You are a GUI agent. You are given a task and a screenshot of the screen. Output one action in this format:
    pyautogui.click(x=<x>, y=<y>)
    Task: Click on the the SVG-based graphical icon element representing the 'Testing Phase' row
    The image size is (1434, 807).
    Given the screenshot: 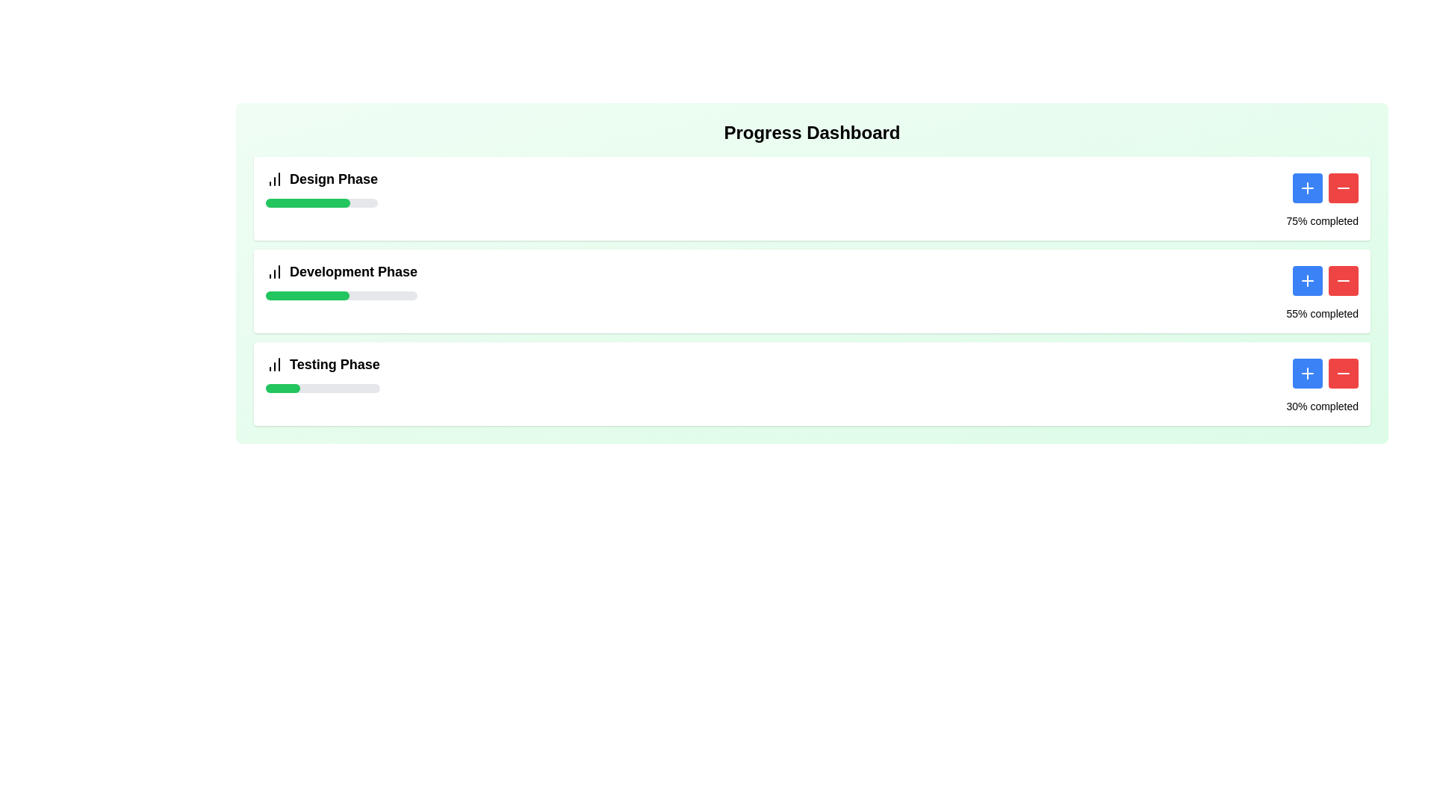 What is the action you would take?
    pyautogui.click(x=275, y=365)
    